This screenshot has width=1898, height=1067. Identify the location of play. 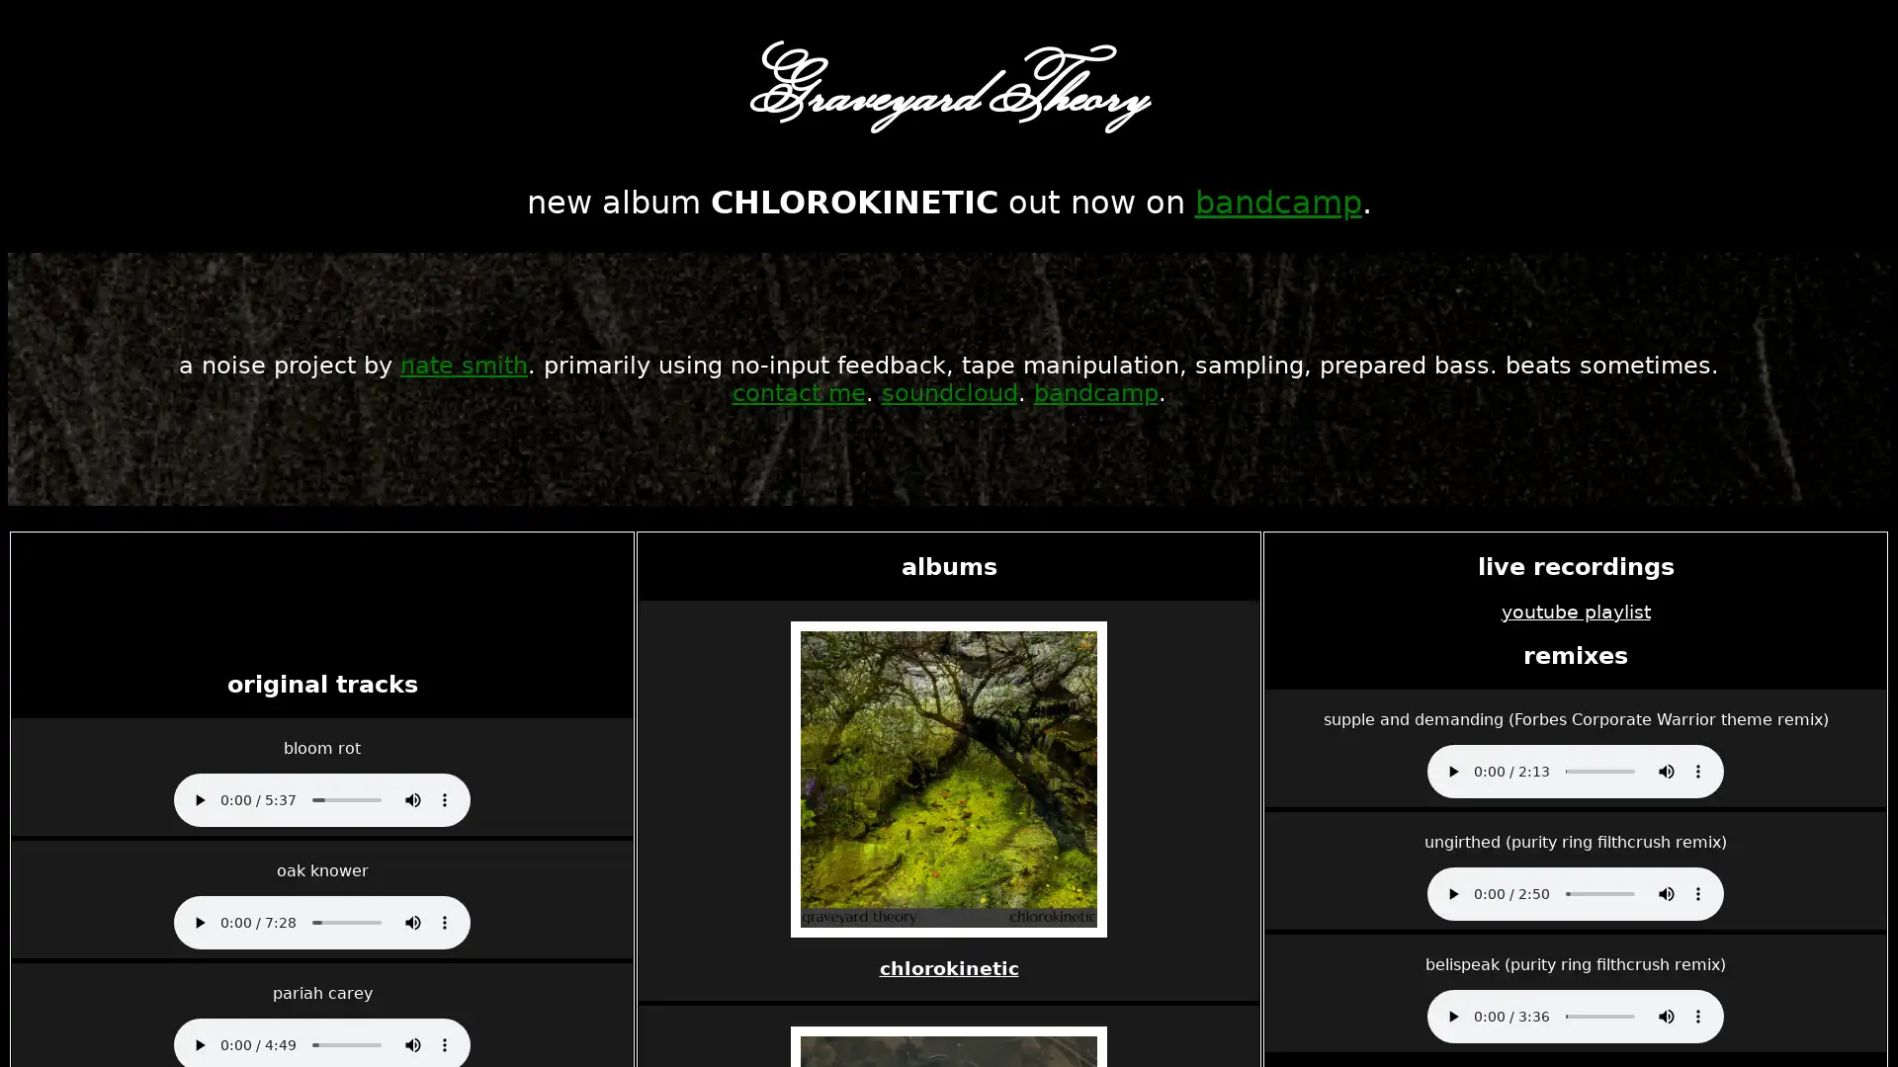
(199, 798).